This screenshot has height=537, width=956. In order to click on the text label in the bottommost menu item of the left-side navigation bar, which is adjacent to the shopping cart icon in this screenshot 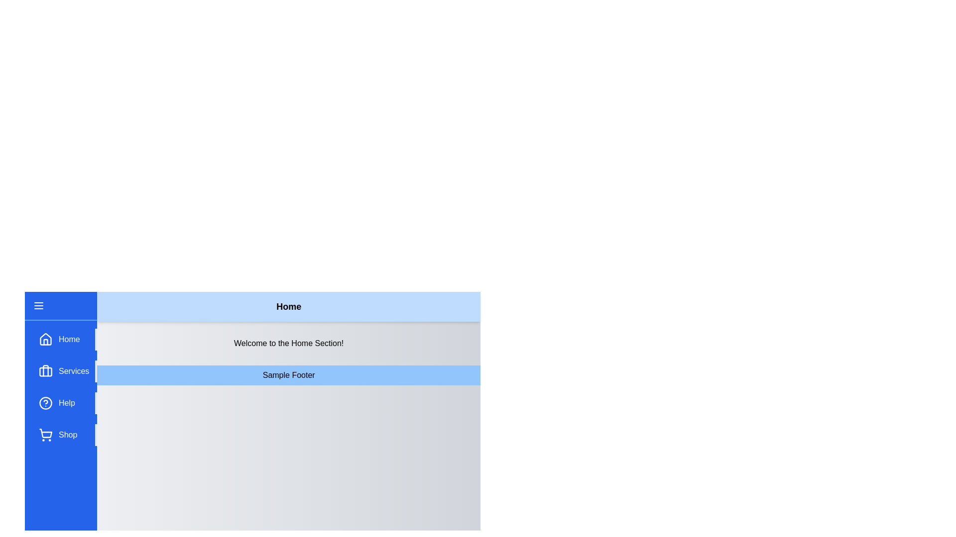, I will do `click(67, 435)`.